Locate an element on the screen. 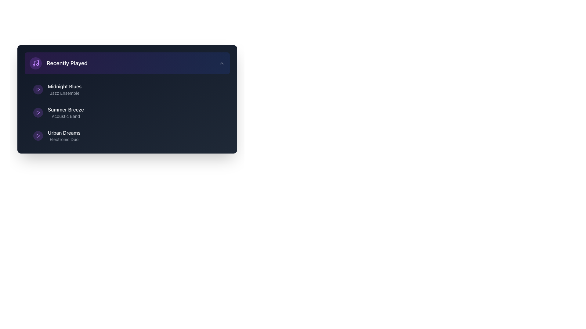  the 'Recently Played' toggle button located at the top of the vertically aligned grouped layout to activate its hover style transition is located at coordinates (127, 63).